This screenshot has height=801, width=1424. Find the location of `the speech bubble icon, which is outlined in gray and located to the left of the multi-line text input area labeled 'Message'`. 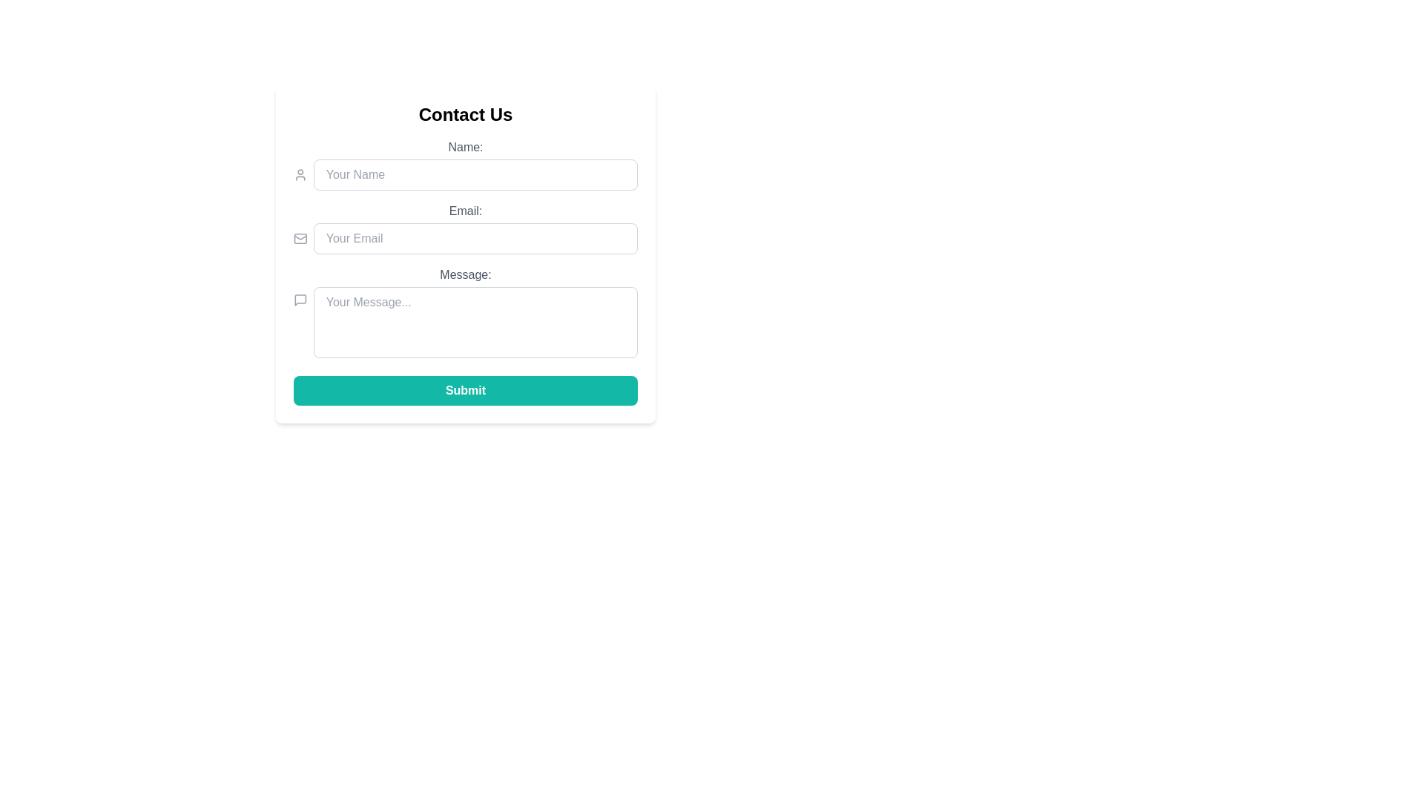

the speech bubble icon, which is outlined in gray and located to the left of the multi-line text input area labeled 'Message' is located at coordinates (300, 300).